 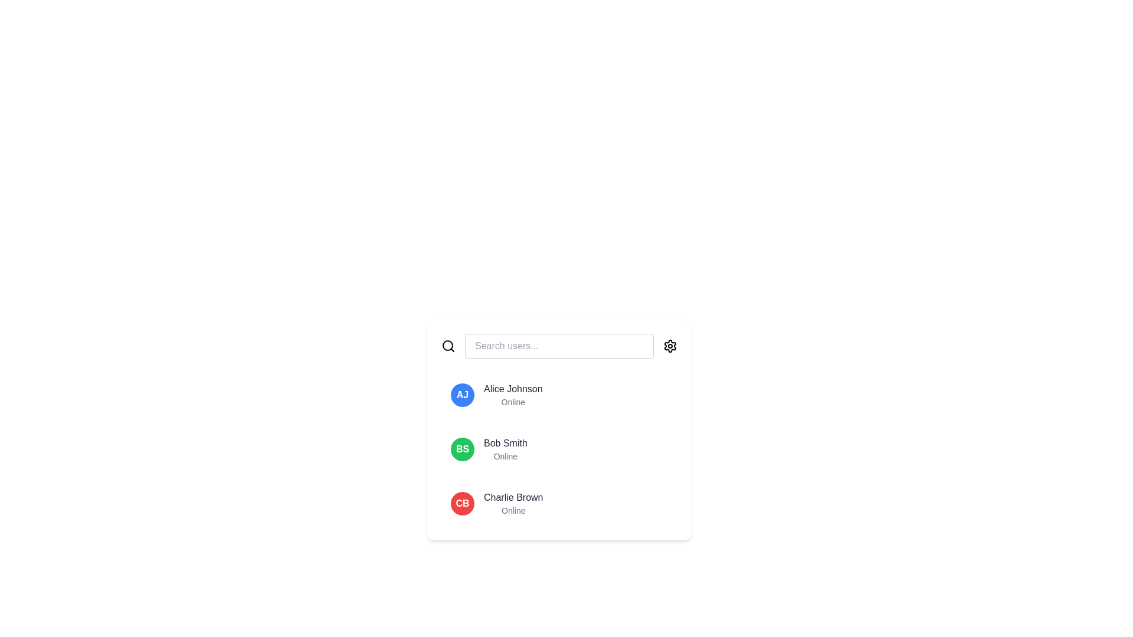 What do you see at coordinates (513, 395) in the screenshot?
I see `the text display showing 'Alice Johnson' and status 'Online' in the user list, which accompanies the circular blue icon labeled 'AJ'` at bounding box center [513, 395].